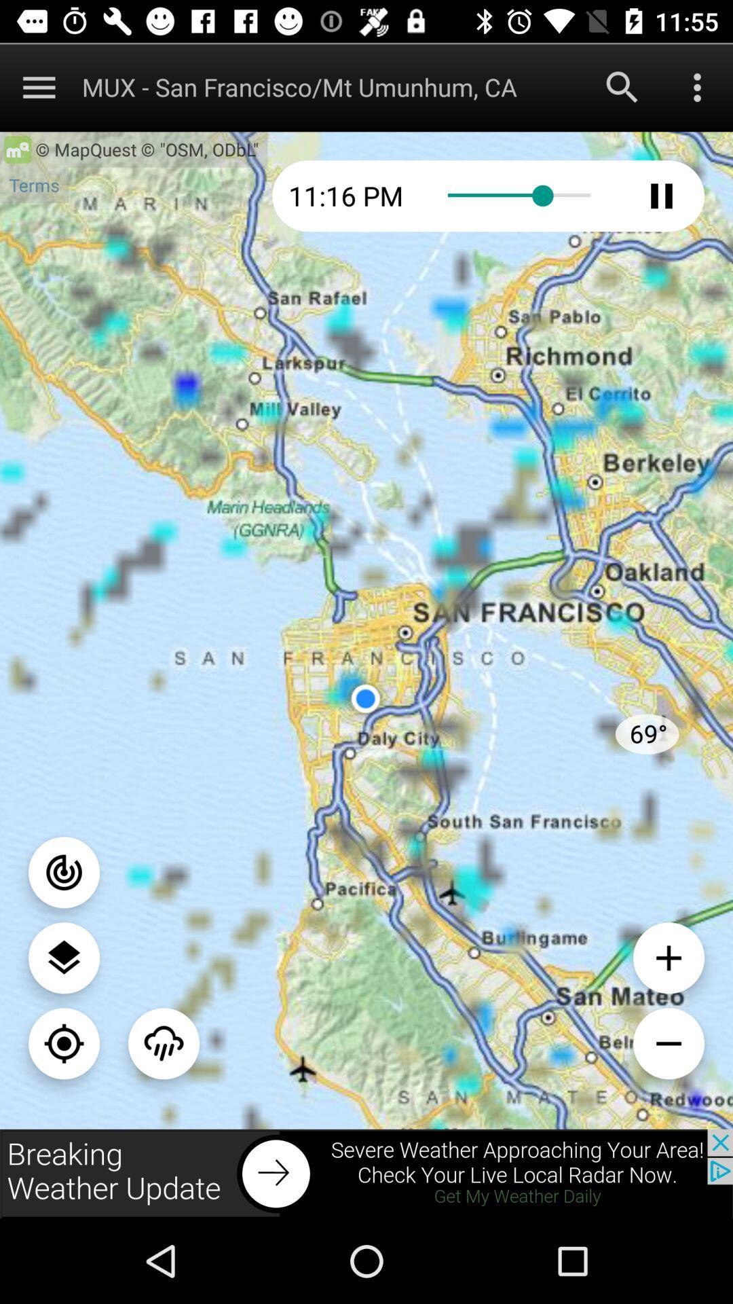 Image resolution: width=733 pixels, height=1304 pixels. What do you see at coordinates (38, 86) in the screenshot?
I see `the menu icon` at bounding box center [38, 86].